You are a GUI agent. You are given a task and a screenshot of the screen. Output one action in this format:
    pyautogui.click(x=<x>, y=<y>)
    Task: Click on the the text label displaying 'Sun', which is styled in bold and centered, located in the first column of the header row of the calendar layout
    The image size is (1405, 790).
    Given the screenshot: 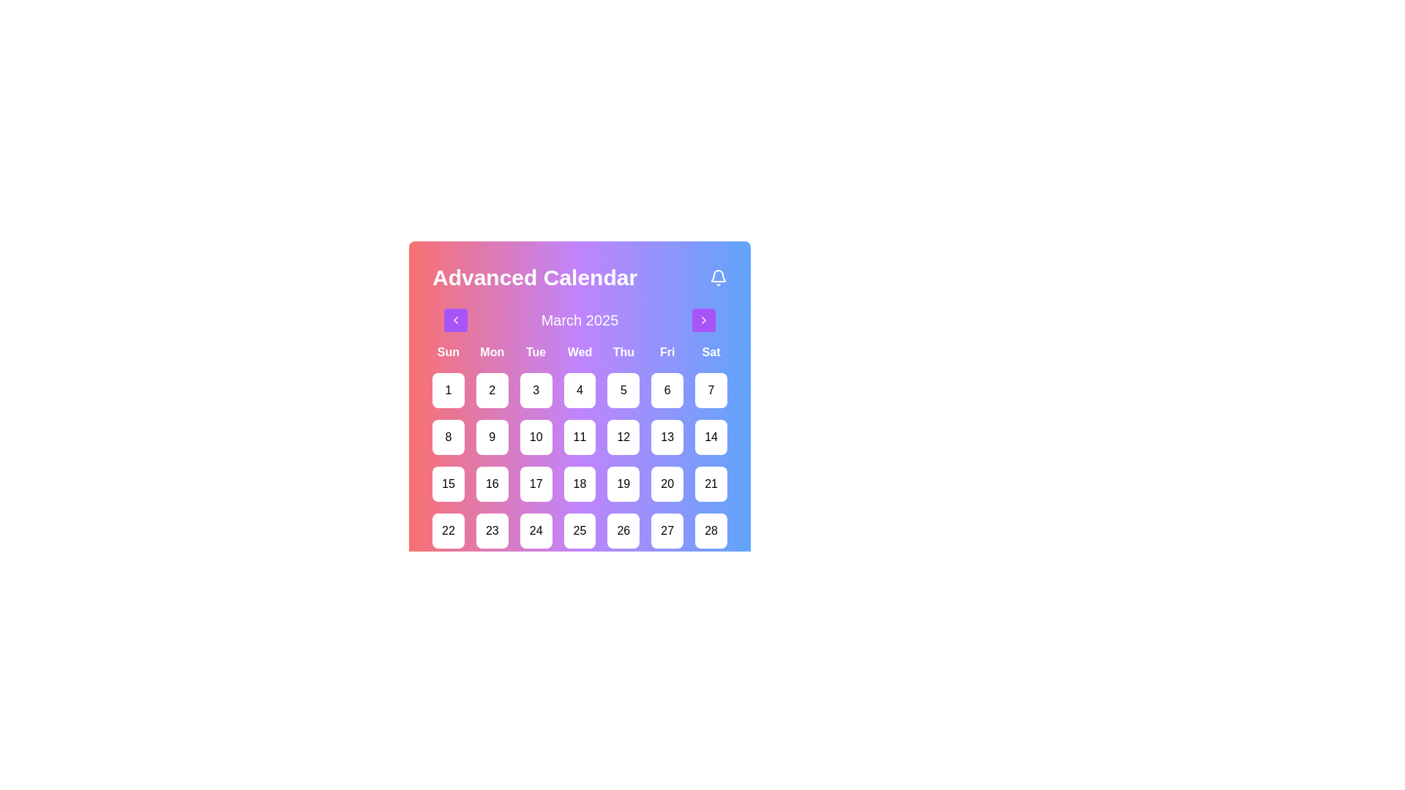 What is the action you would take?
    pyautogui.click(x=447, y=353)
    